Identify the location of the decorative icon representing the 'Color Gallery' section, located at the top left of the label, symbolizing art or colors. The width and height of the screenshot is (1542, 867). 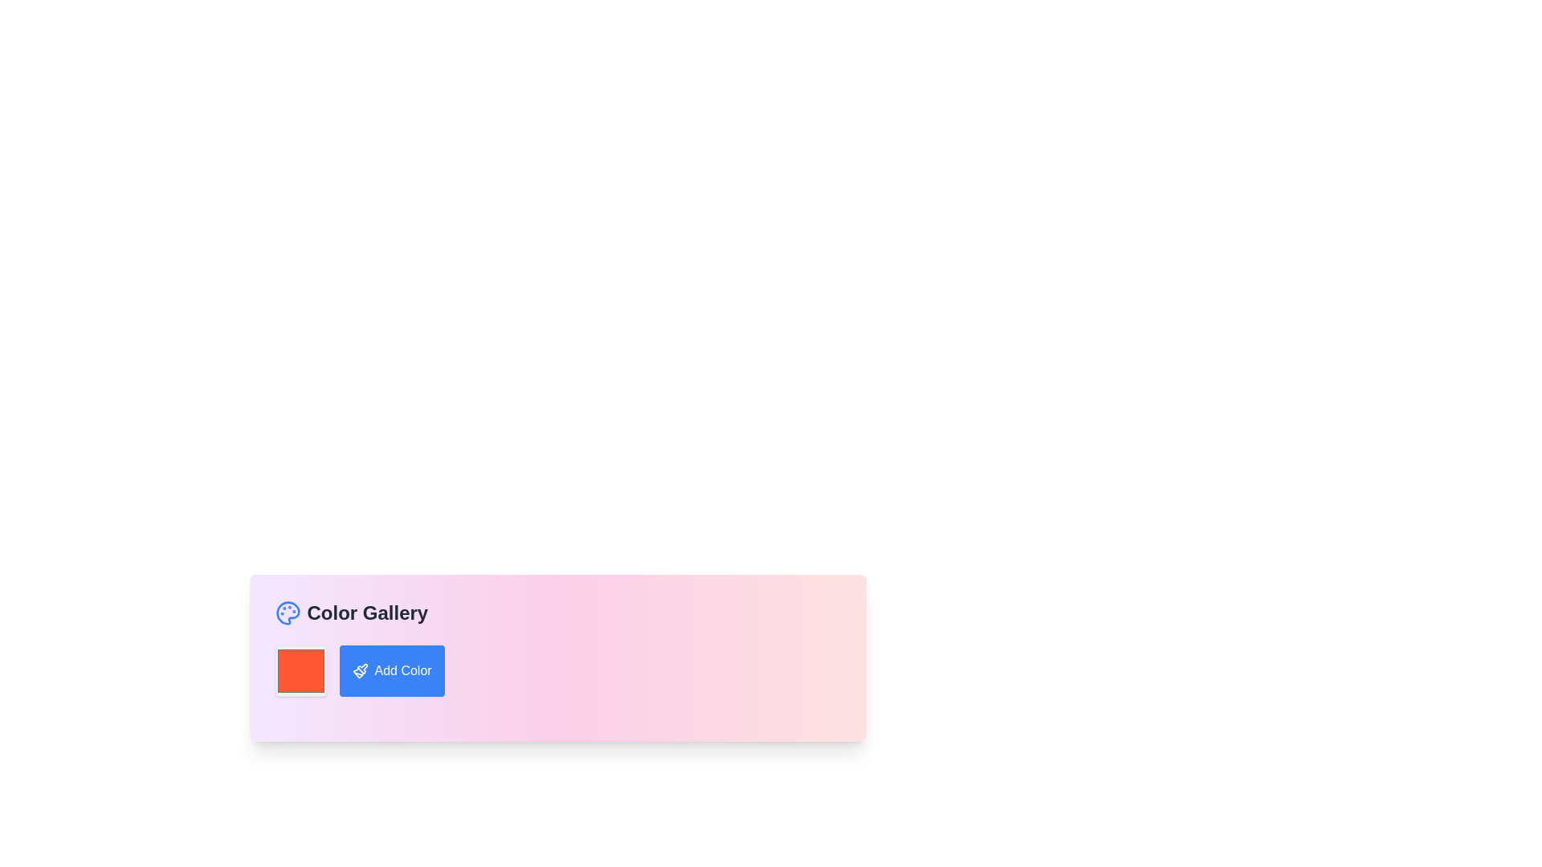
(288, 613).